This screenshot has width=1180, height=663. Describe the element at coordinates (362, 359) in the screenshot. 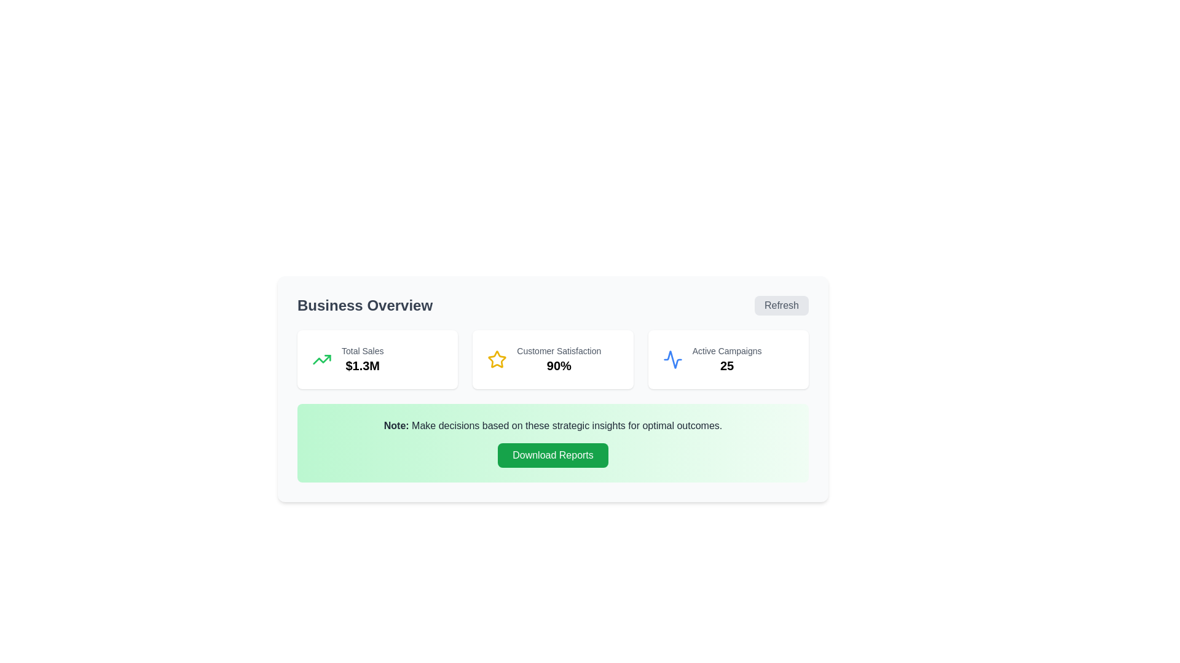

I see `the Text Display element that shows the total sales amount, located within a card widget on the leftmost position of a row of similar widgets` at that location.